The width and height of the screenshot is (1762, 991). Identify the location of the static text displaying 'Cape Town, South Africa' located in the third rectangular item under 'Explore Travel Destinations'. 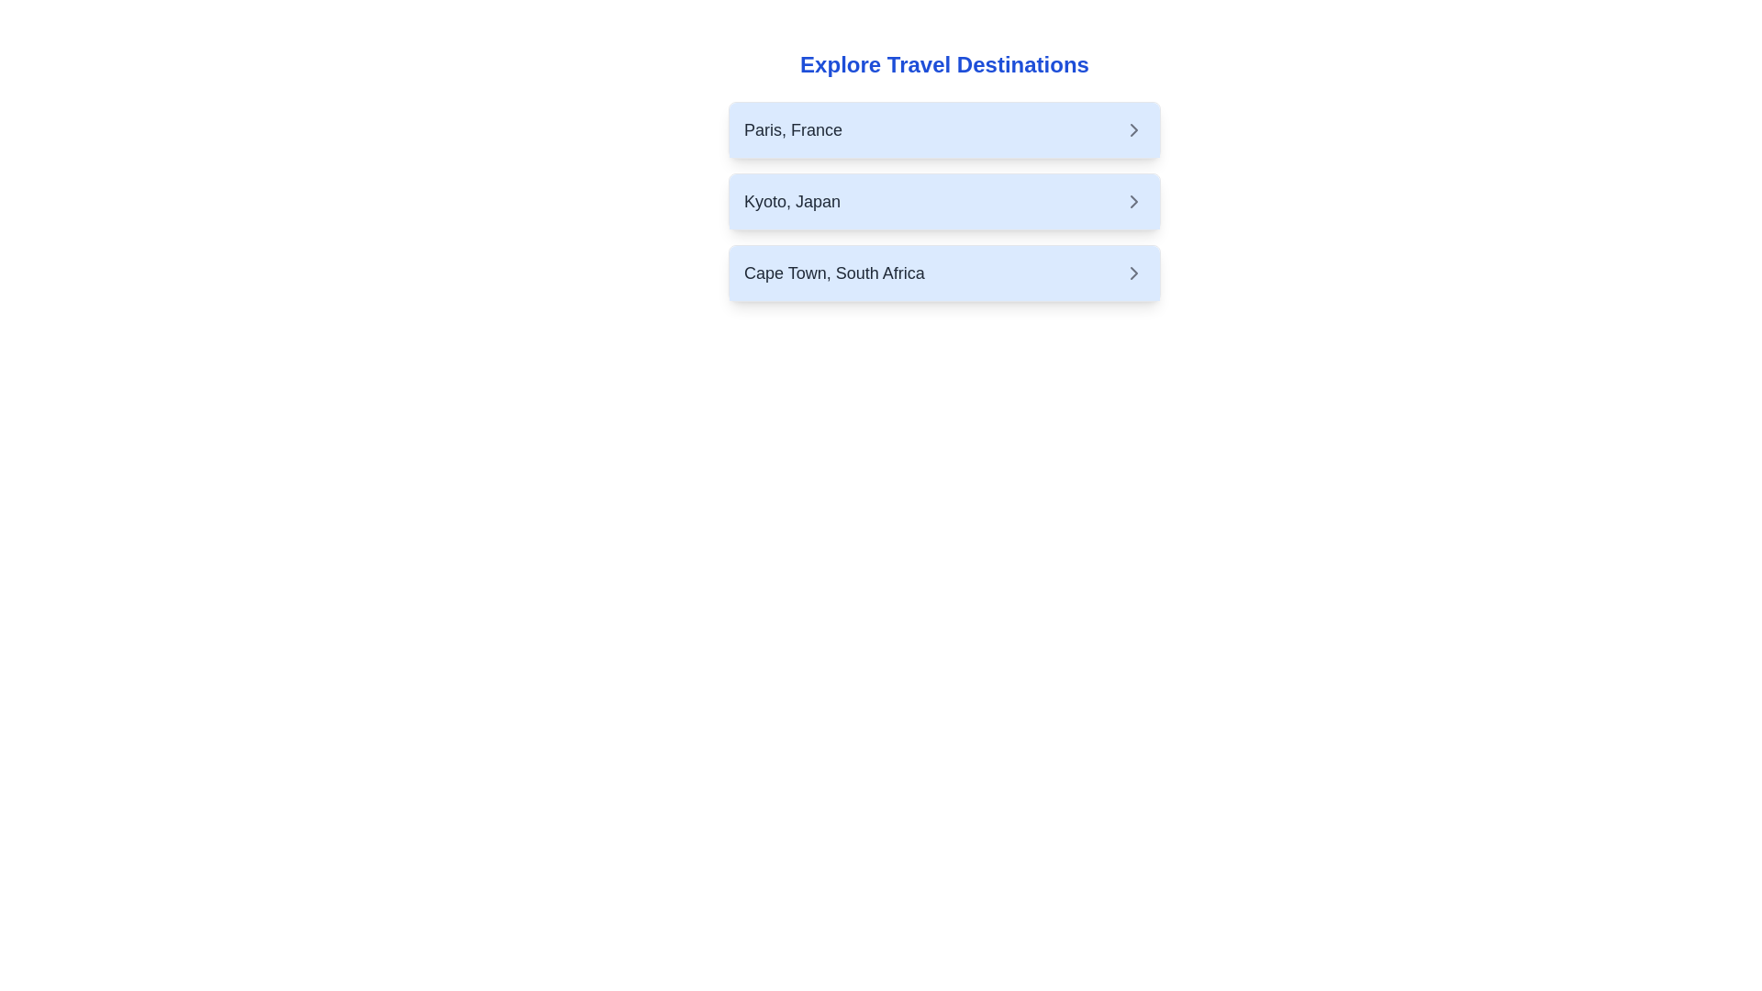
(833, 273).